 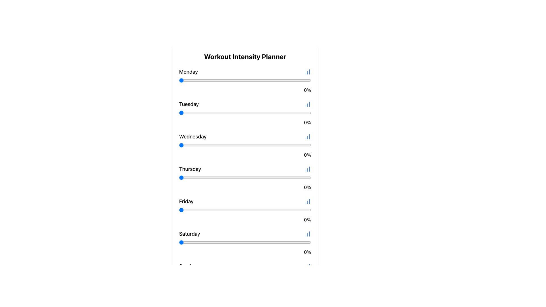 I want to click on the workout intensity for Monday, so click(x=246, y=80).